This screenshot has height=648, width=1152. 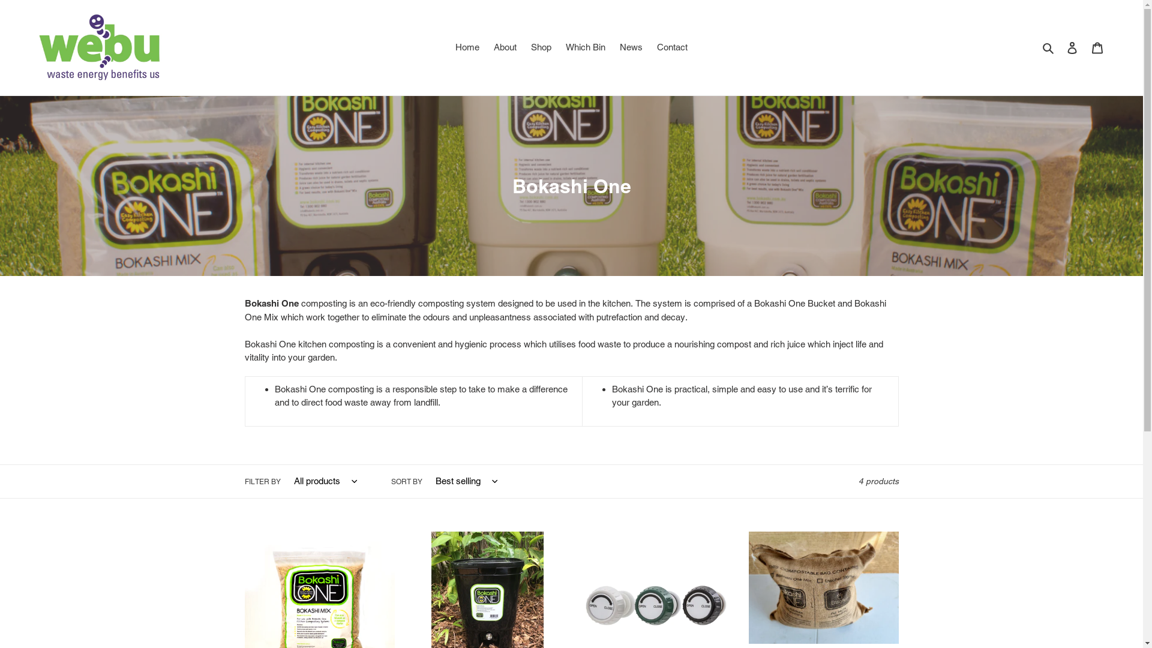 What do you see at coordinates (1072, 47) in the screenshot?
I see `'Log in'` at bounding box center [1072, 47].